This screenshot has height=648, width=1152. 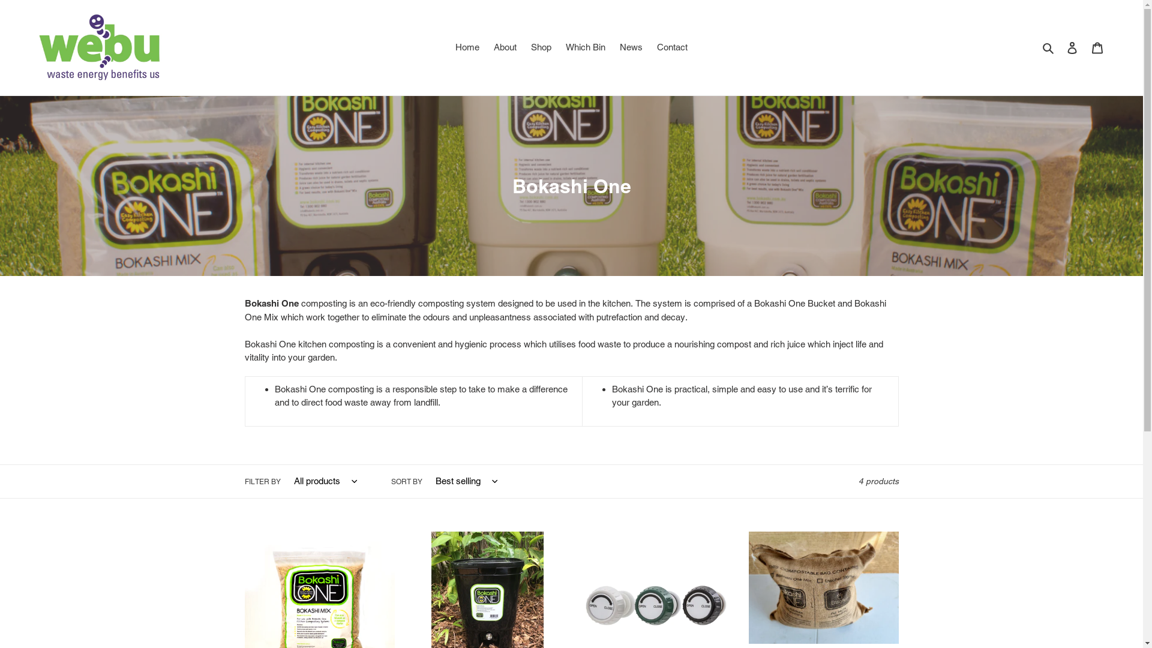 What do you see at coordinates (1072, 47) in the screenshot?
I see `'Log in'` at bounding box center [1072, 47].